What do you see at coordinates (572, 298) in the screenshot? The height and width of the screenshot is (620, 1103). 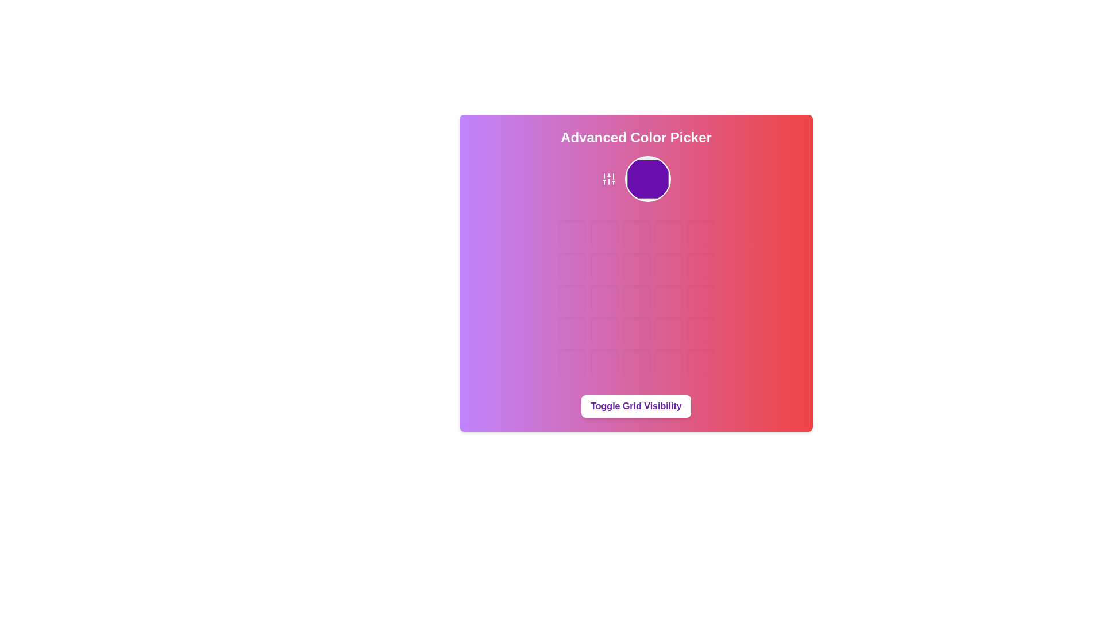 I see `the pink grid cell located in the third row and first column of the grid` at bounding box center [572, 298].